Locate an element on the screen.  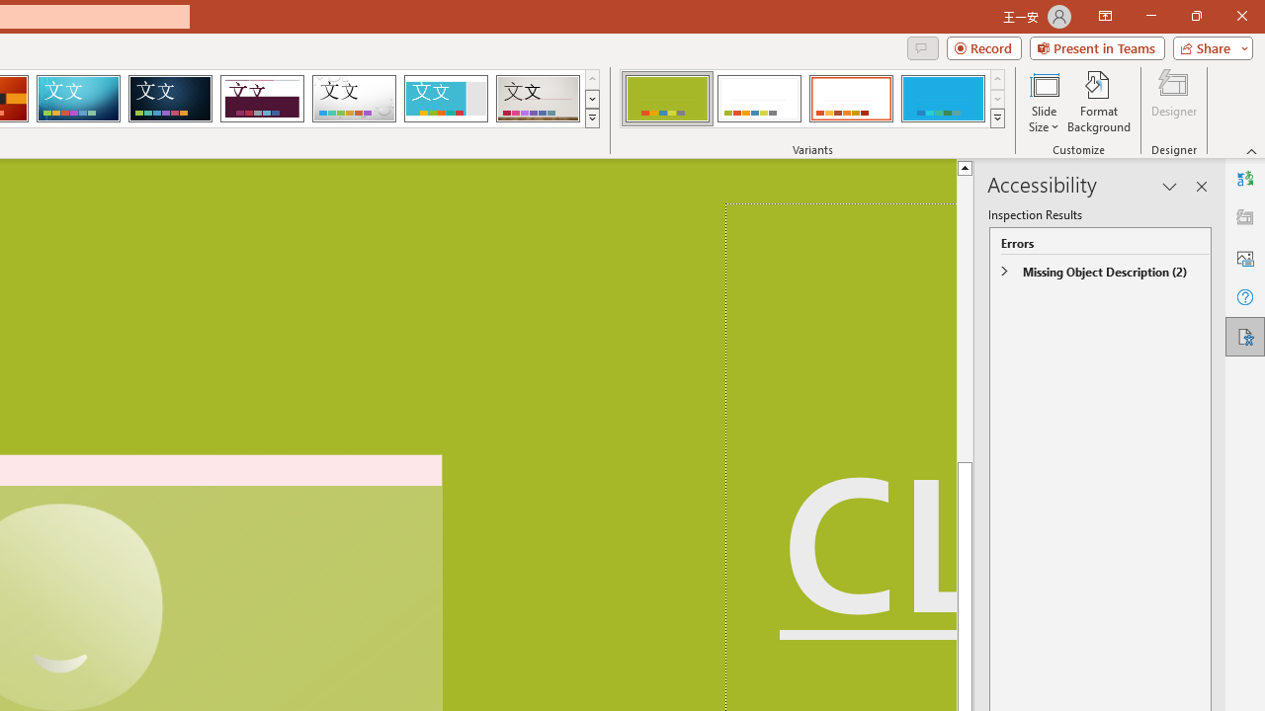
'Circuit' is located at coordinates (78, 99).